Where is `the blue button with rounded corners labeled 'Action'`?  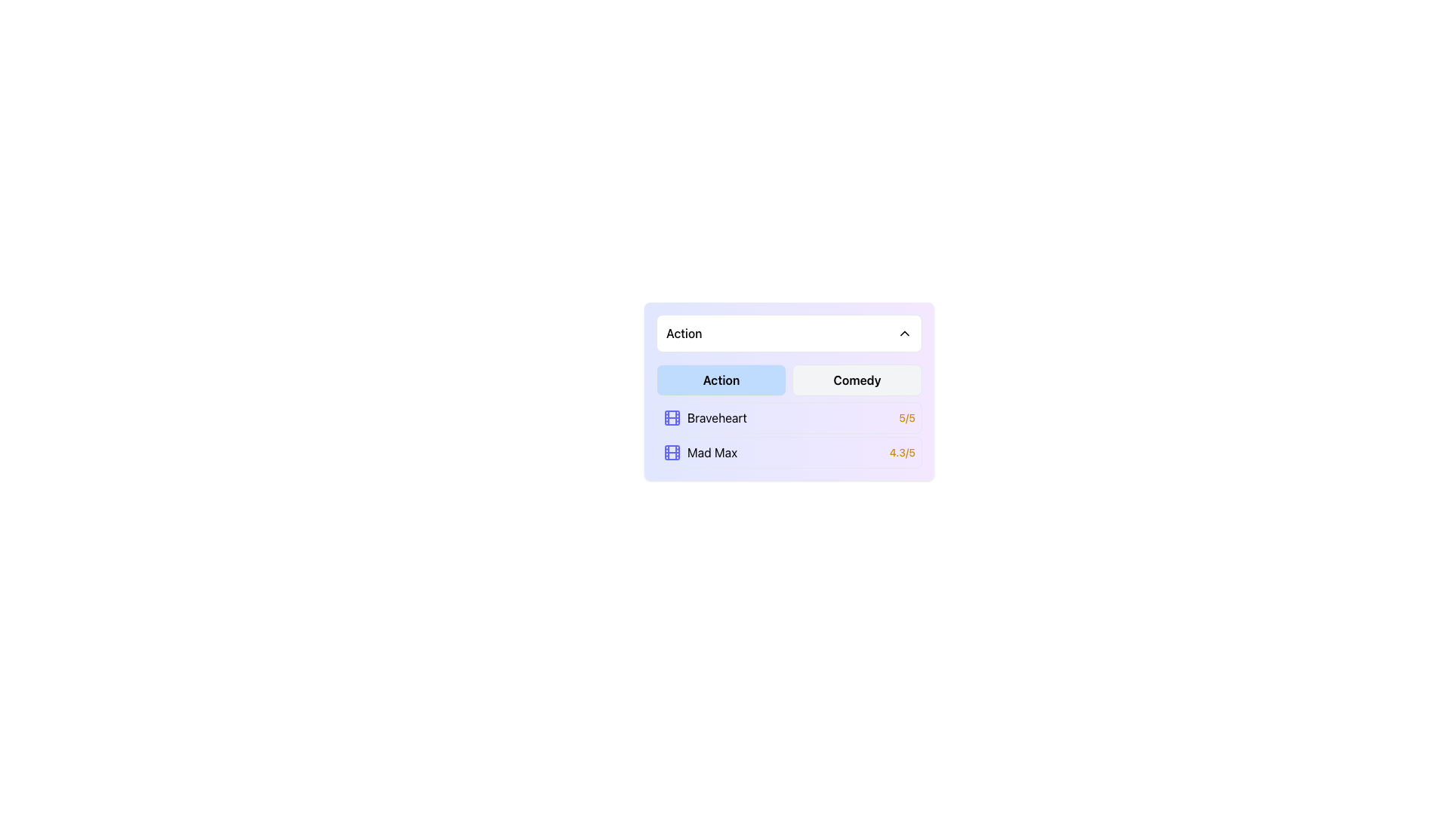
the blue button with rounded corners labeled 'Action' is located at coordinates (720, 380).